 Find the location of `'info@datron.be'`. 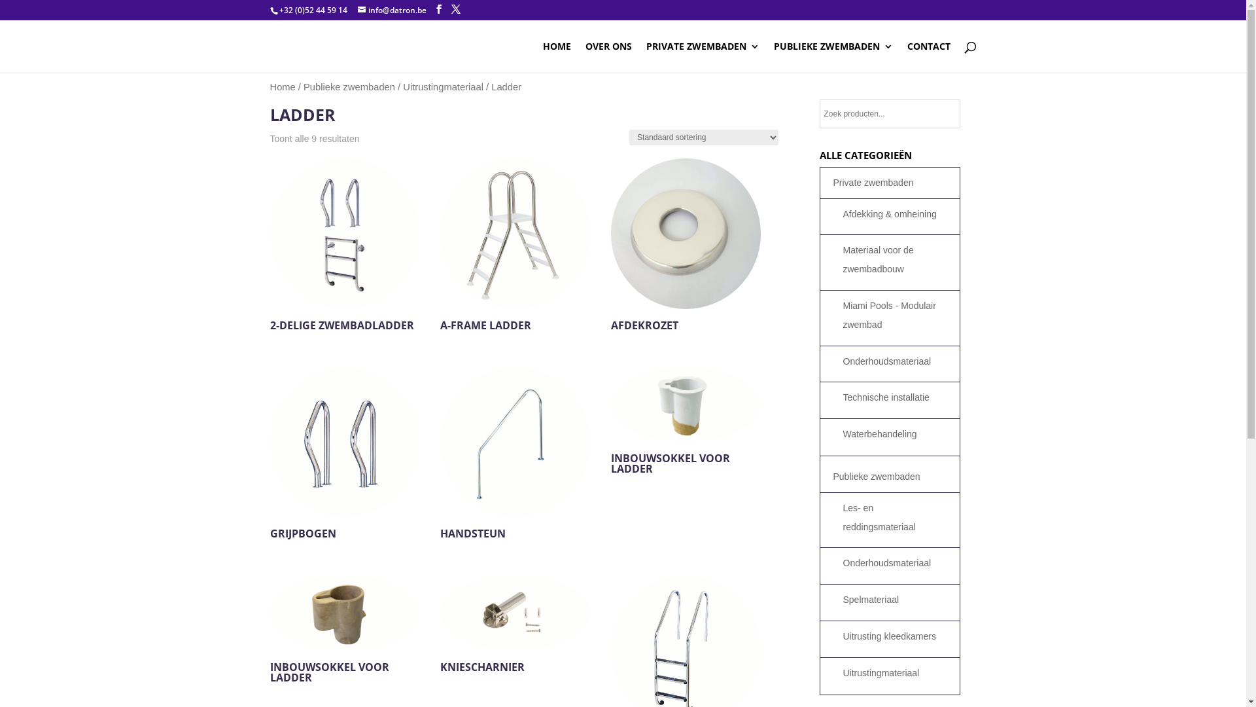

'info@datron.be' is located at coordinates (391, 10).